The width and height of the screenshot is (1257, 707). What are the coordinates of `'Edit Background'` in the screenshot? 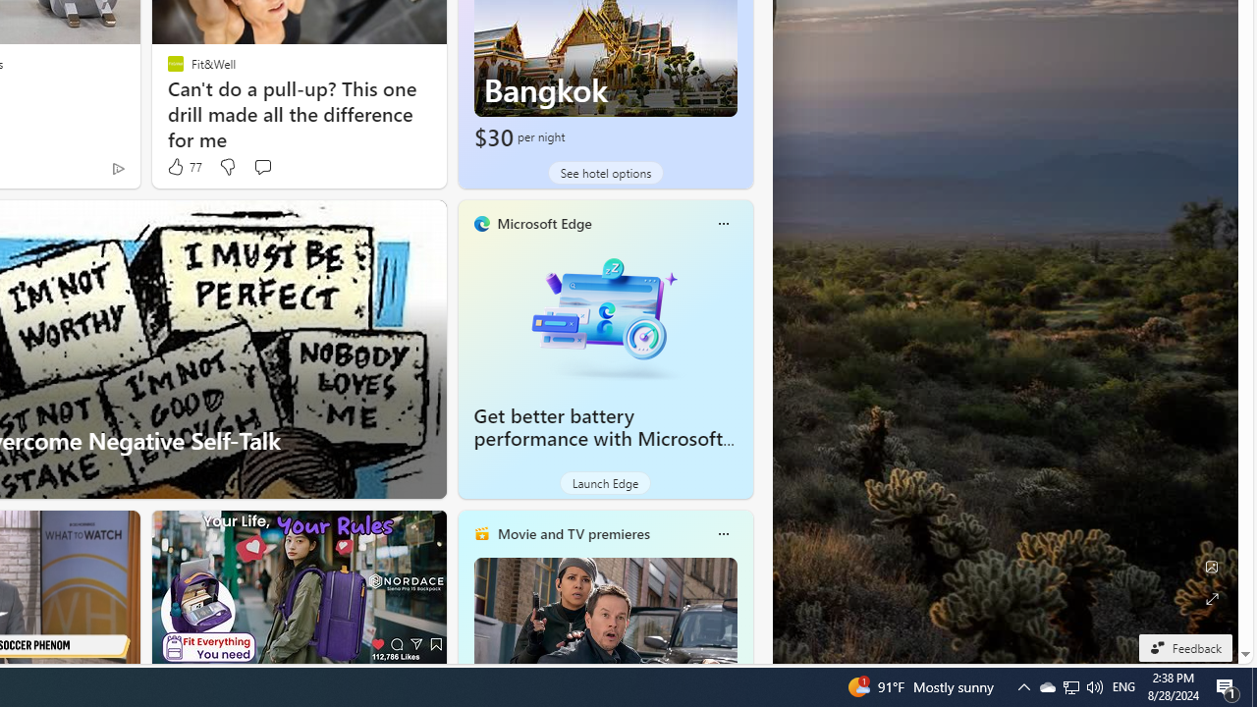 It's located at (1210, 567).